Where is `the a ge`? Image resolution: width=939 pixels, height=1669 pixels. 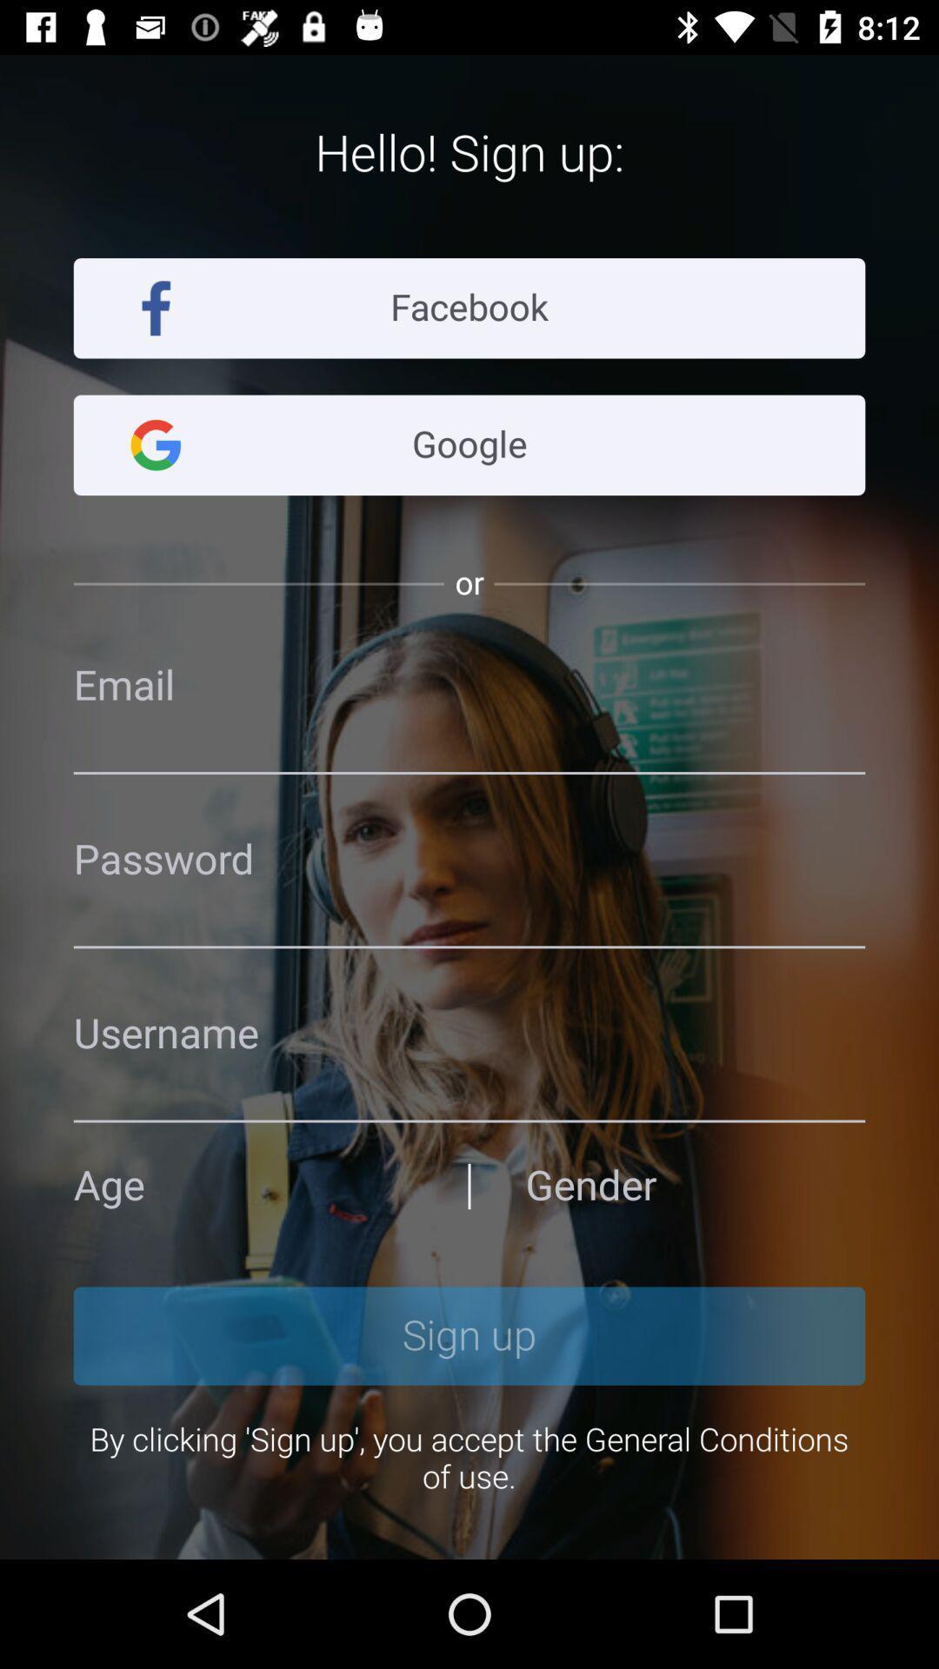
the a ge is located at coordinates (243, 1185).